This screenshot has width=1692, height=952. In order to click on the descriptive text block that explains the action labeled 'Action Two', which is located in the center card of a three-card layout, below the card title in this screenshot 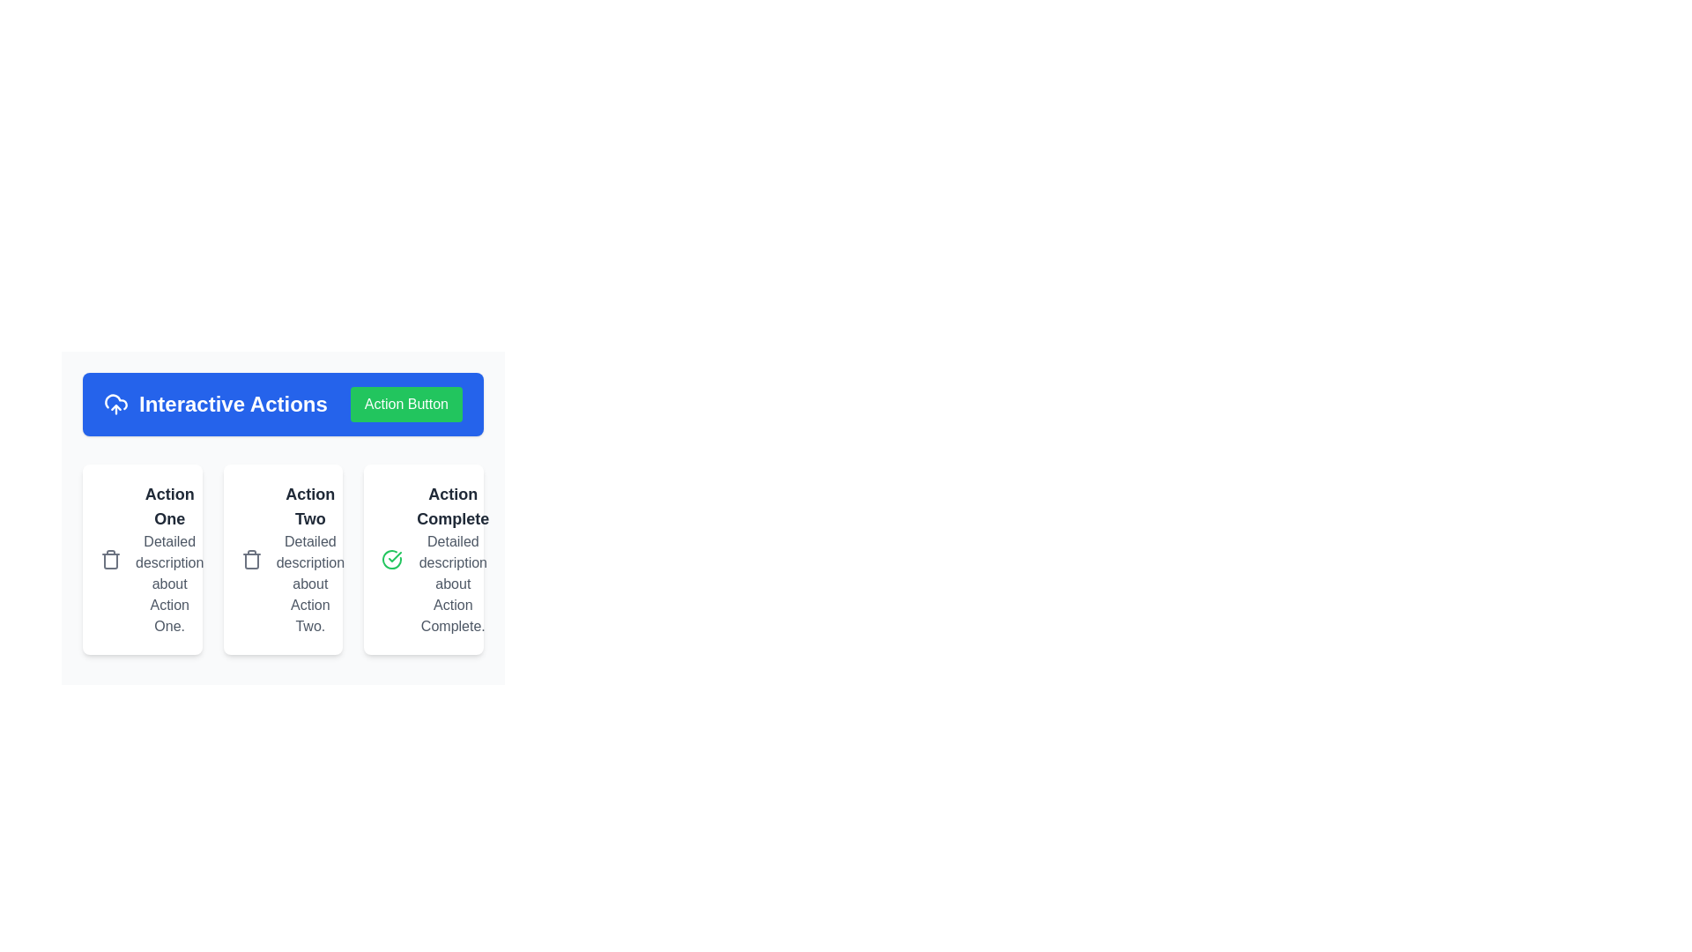, I will do `click(310, 584)`.